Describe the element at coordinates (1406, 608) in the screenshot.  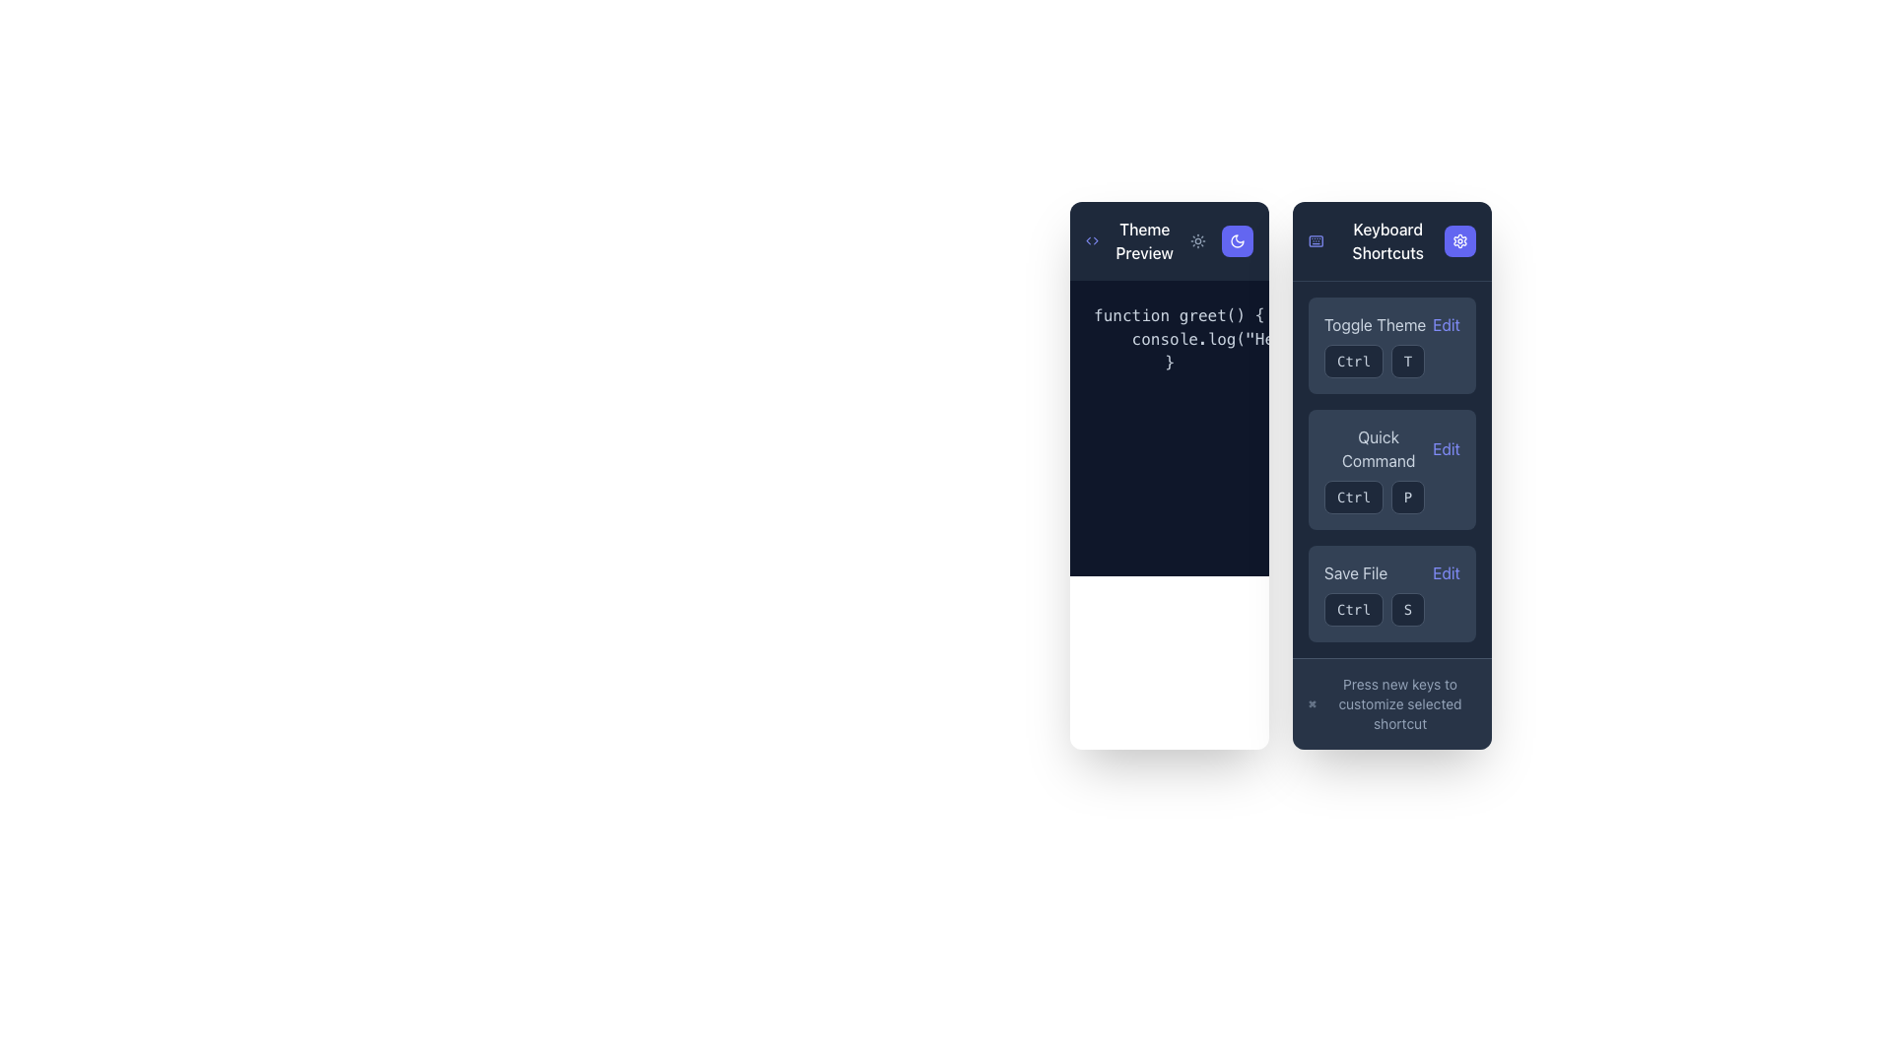
I see `the rounded rectangular button labeled 'S' with a dark slate background and light slate text, located in the bottom-right portion of the keyboard shortcuts list` at that location.